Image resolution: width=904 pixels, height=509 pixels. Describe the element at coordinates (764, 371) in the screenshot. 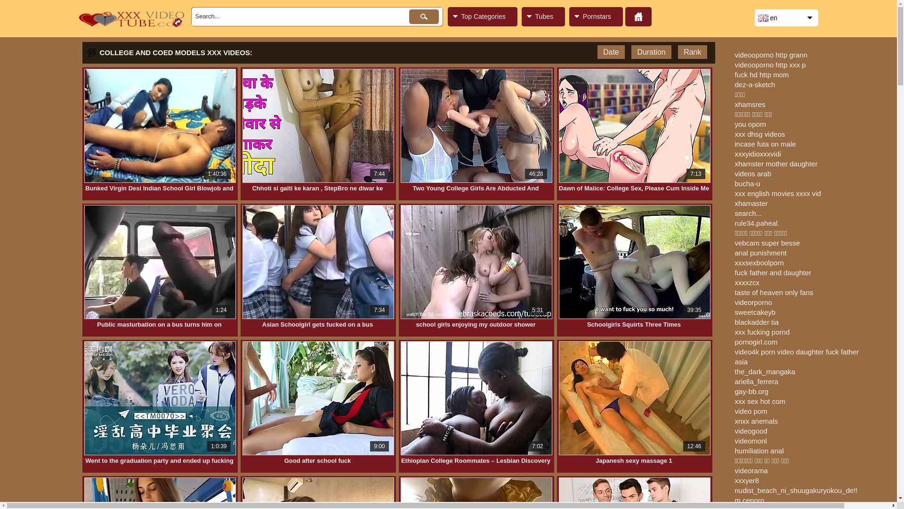

I see `'the_dark_mangaka'` at that location.